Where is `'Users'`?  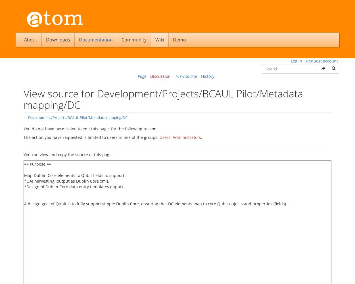 'Users' is located at coordinates (165, 137).